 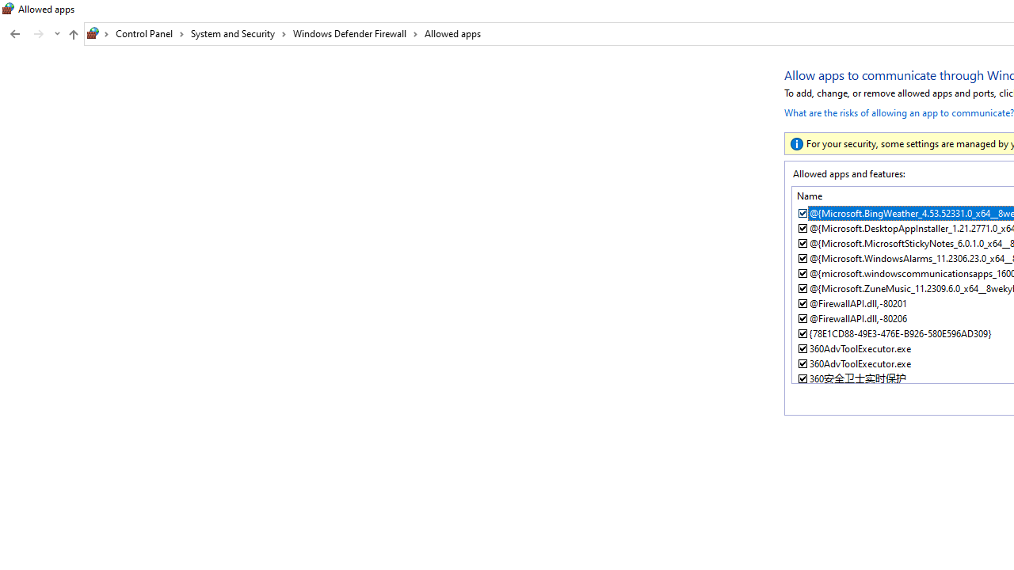 I want to click on 'Navigation buttons', so click(x=33, y=34).